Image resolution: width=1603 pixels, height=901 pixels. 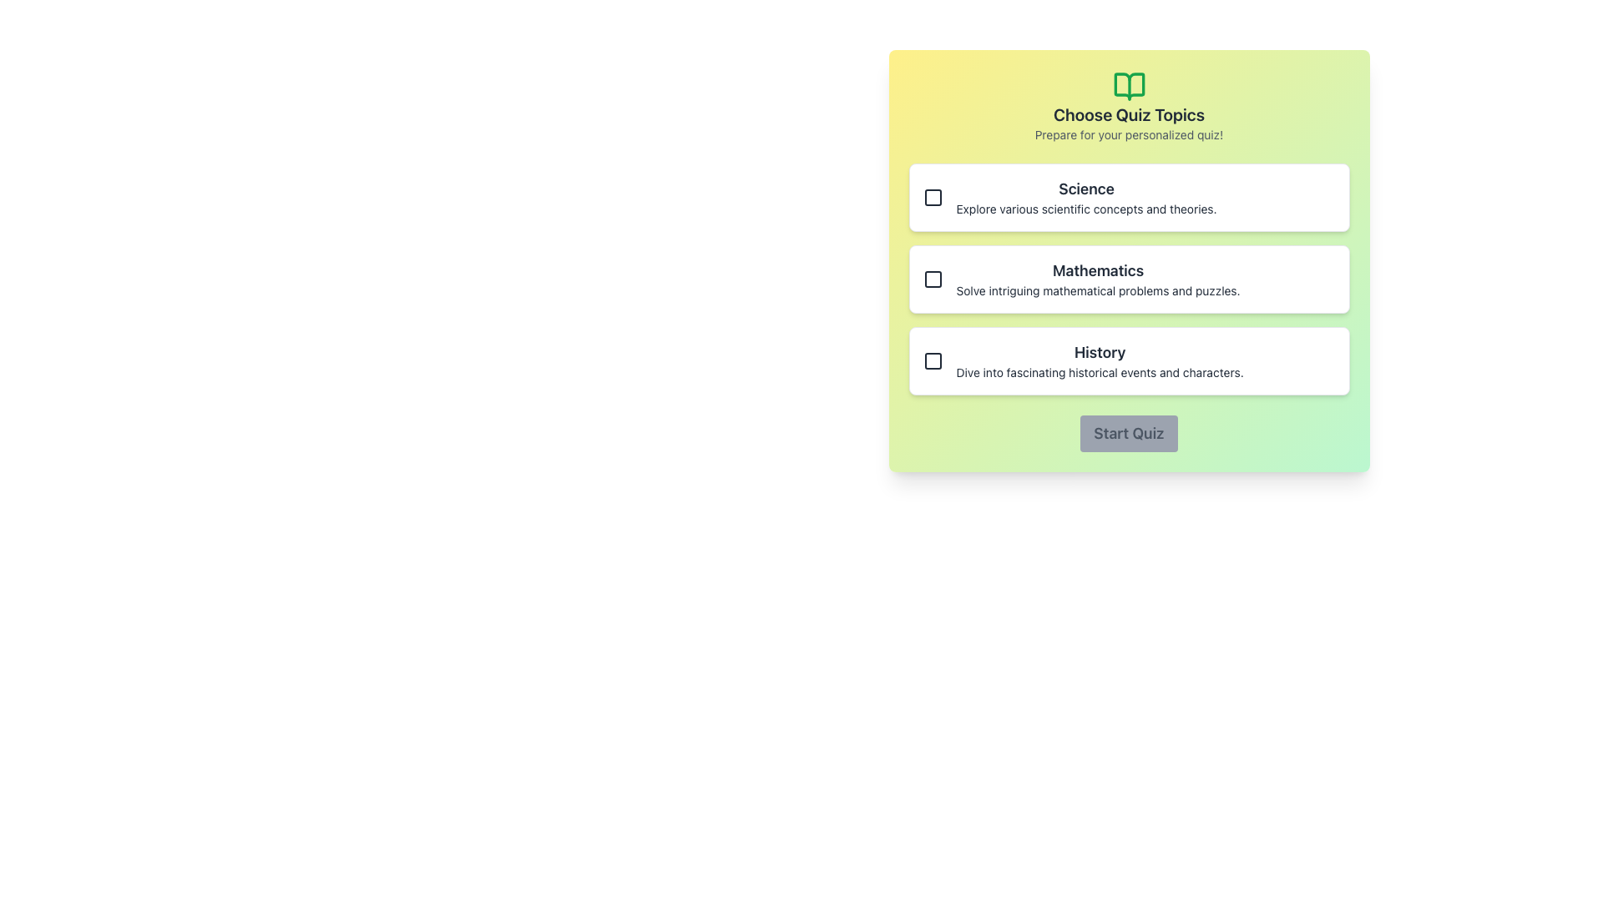 What do you see at coordinates (932, 196) in the screenshot?
I see `the checkbox element located to the left of the 'Science' list item` at bounding box center [932, 196].